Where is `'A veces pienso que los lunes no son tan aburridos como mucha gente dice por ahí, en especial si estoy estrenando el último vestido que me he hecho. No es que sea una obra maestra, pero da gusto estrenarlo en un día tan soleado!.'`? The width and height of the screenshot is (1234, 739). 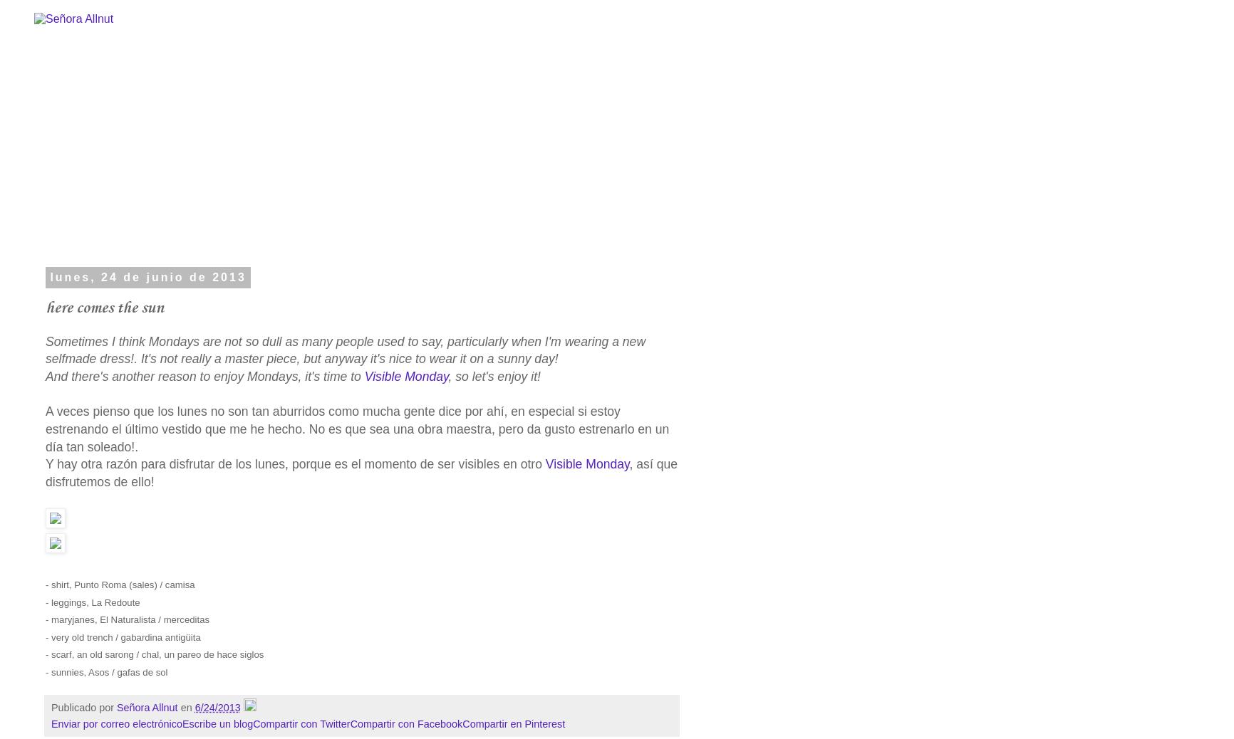 'A veces pienso que los lunes no son tan aburridos como mucha gente dice por ahí, en especial si estoy estrenando el último vestido que me he hecho. No es que sea una obra maestra, pero da gusto estrenarlo en un día tan soleado!.' is located at coordinates (46, 428).